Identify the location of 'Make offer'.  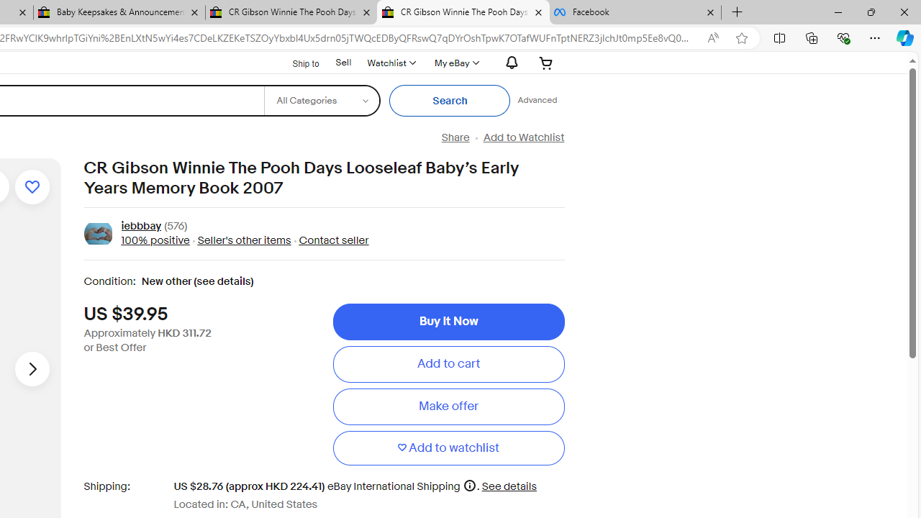
(448, 406).